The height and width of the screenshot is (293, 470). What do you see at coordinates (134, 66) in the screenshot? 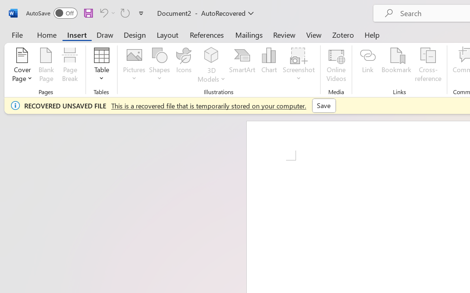
I see `'Pictures'` at bounding box center [134, 66].